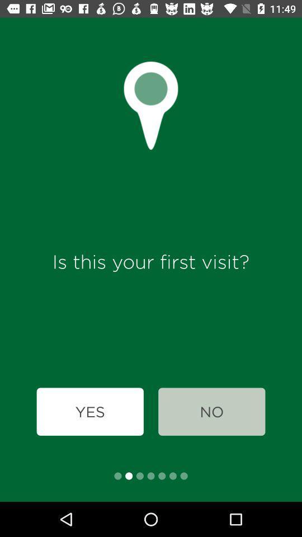 This screenshot has height=537, width=302. I want to click on item to the right of the yes icon, so click(211, 411).